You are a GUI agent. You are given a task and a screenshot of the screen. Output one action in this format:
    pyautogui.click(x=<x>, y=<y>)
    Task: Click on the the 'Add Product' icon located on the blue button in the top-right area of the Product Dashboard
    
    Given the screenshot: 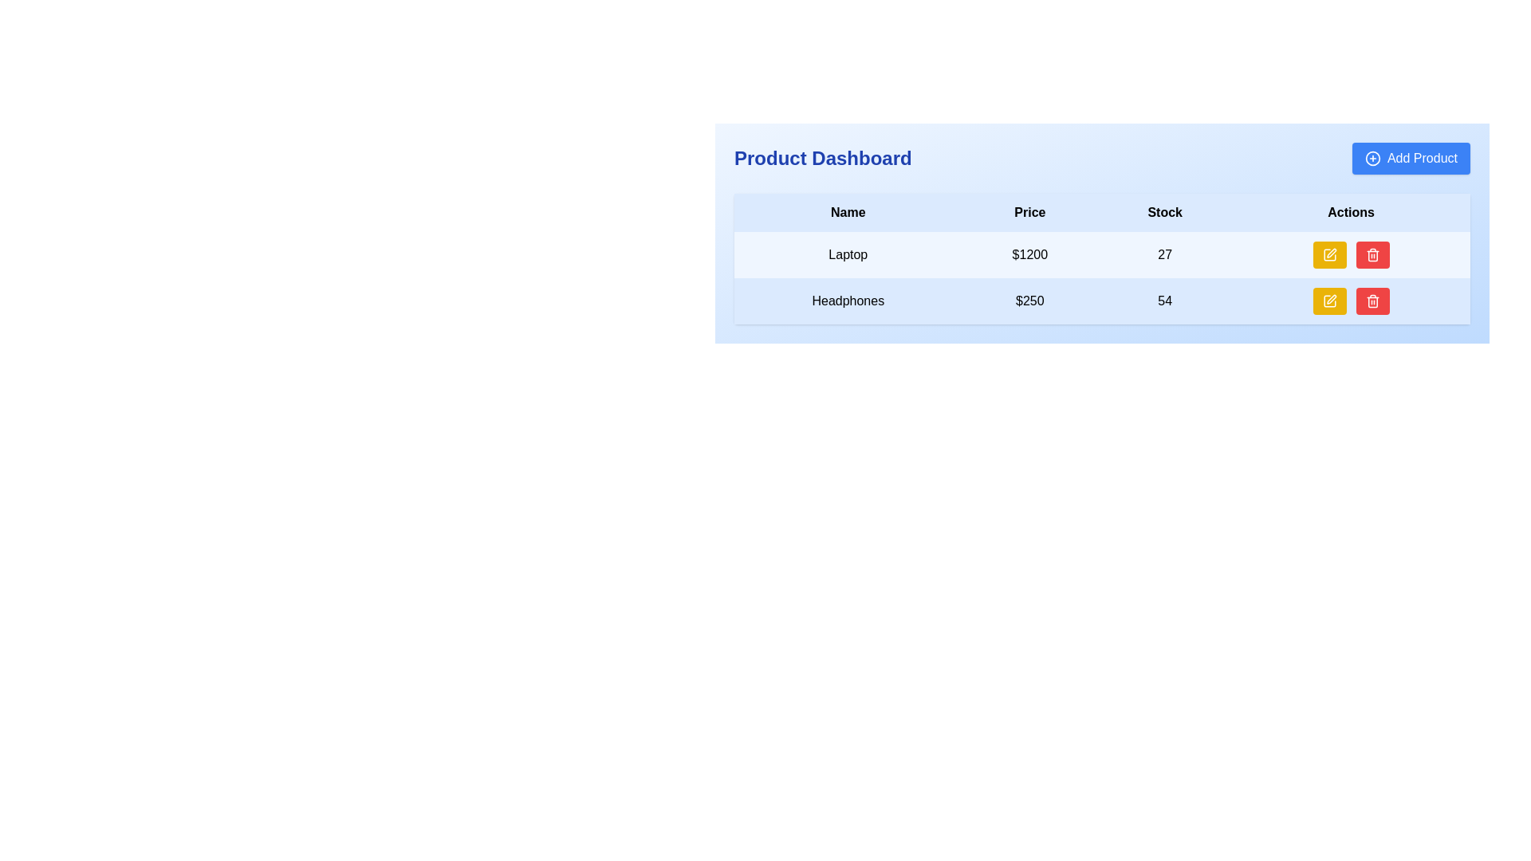 What is the action you would take?
    pyautogui.click(x=1372, y=159)
    